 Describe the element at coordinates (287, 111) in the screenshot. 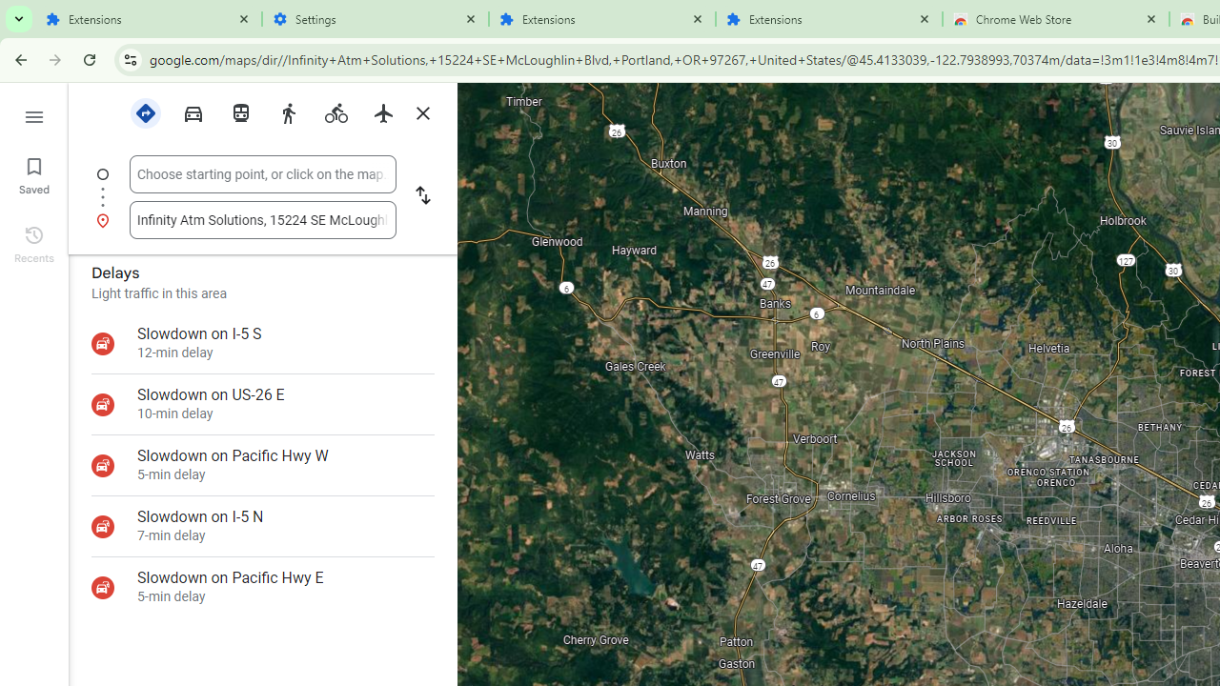

I see `'Walking'` at that location.